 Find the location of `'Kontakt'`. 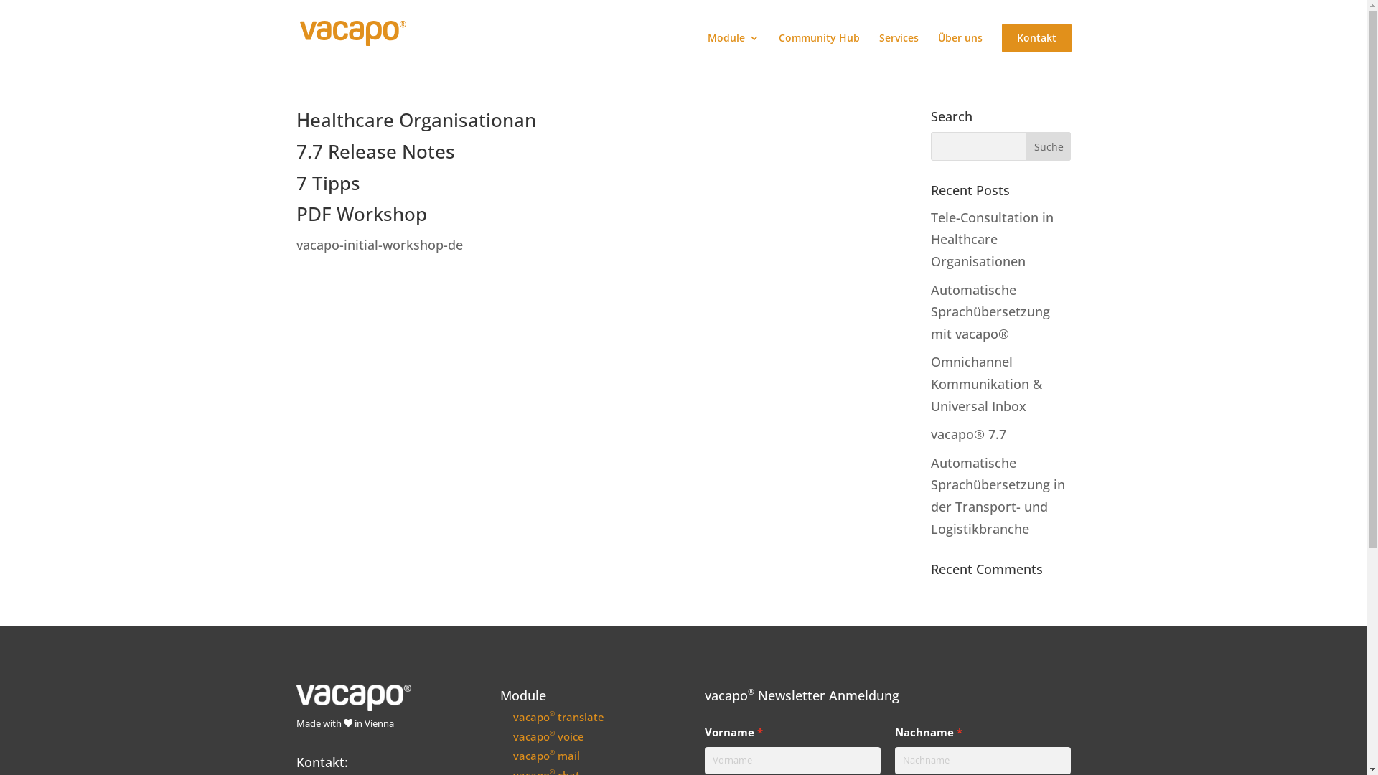

'Kontakt' is located at coordinates (1001, 37).